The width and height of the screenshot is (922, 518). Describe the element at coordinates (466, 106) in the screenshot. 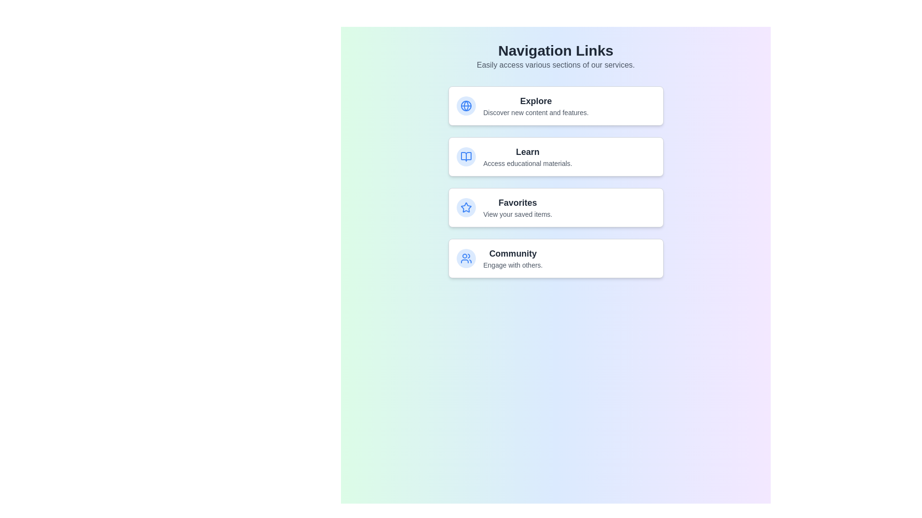

I see `the globe icon, which is located to the left of the 'Explore' text in the 'Navigation Links' section` at that location.